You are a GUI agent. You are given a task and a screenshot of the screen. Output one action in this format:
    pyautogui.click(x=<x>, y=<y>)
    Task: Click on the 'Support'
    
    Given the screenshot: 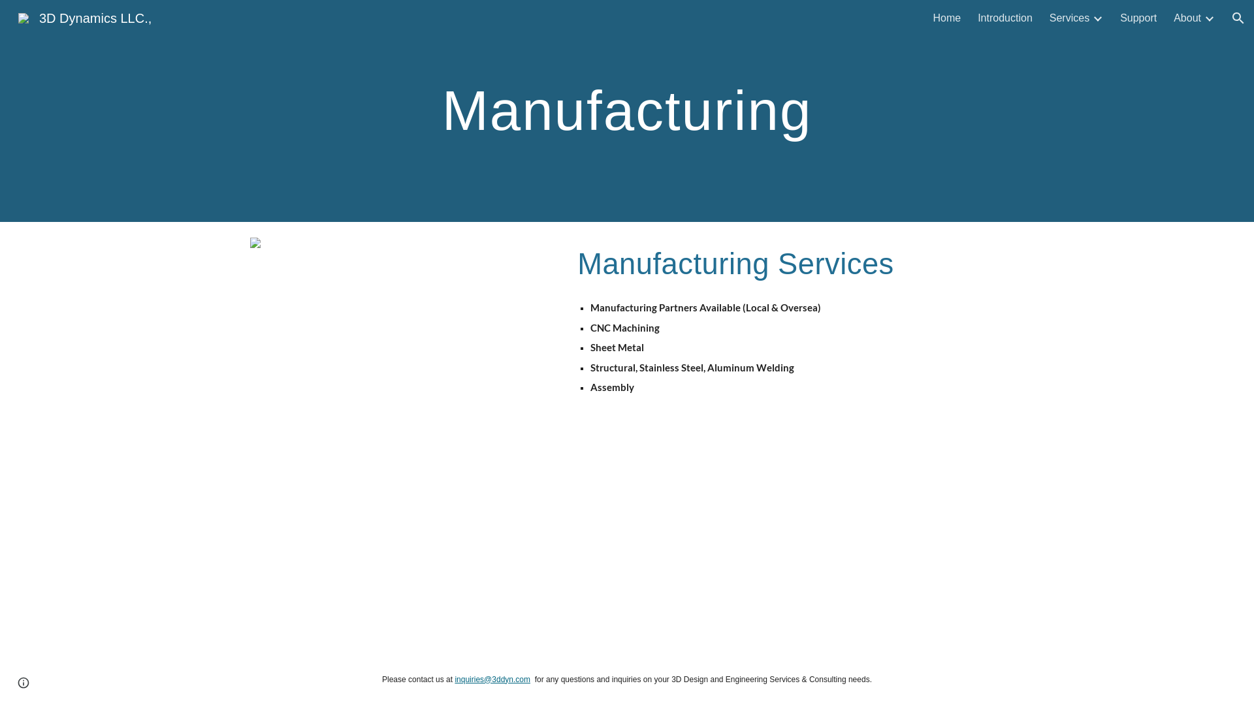 What is the action you would take?
    pyautogui.click(x=1137, y=18)
    